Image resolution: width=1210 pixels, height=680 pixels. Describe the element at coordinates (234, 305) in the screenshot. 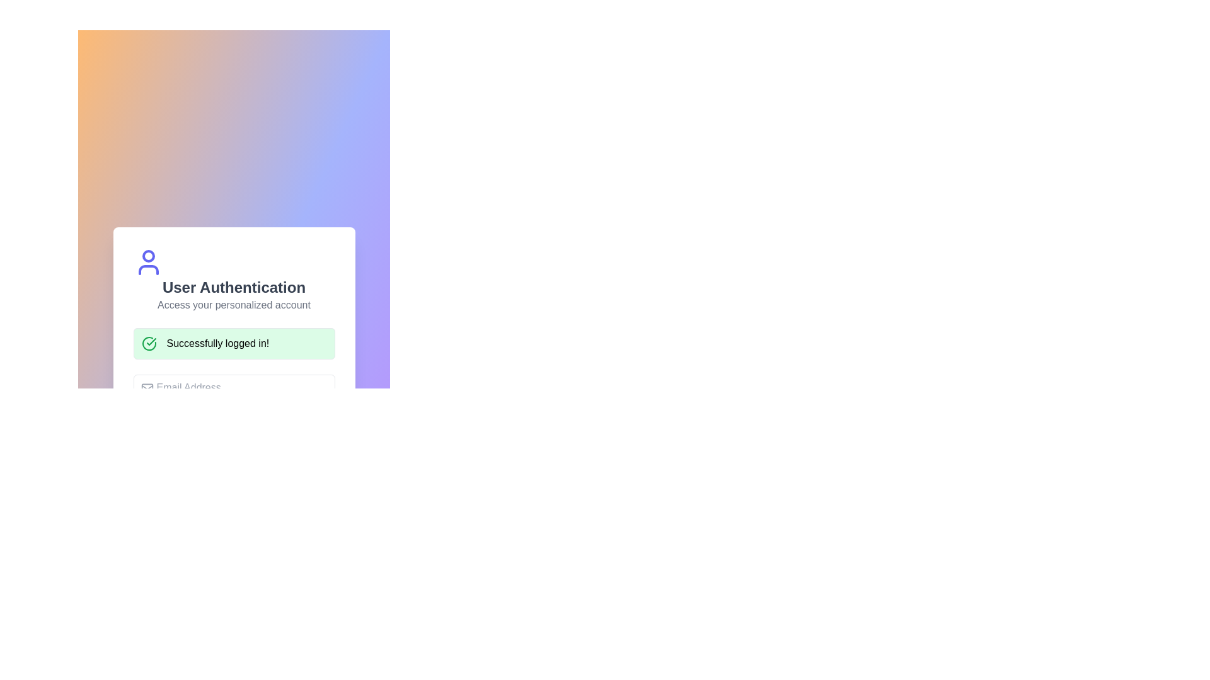

I see `the descriptive subheading text located directly below the 'User Authentication' heading, providing context about accessing the user's account` at that location.